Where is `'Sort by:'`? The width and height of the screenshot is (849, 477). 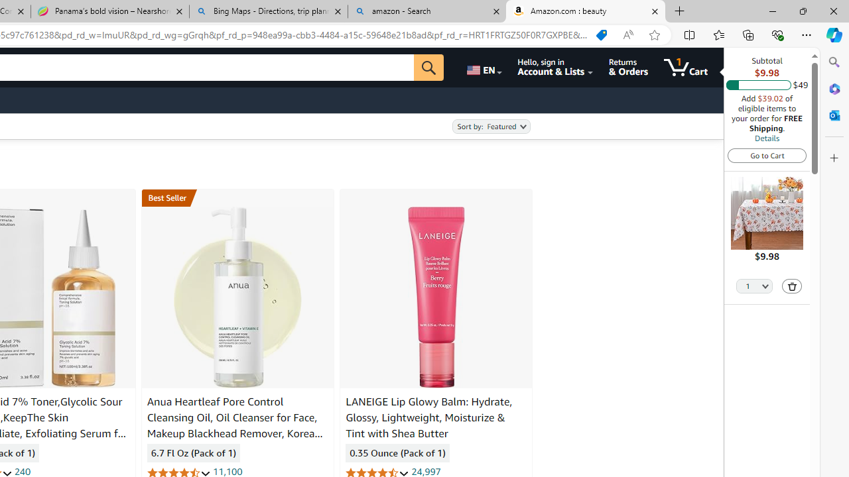 'Sort by:' is located at coordinates (490, 127).